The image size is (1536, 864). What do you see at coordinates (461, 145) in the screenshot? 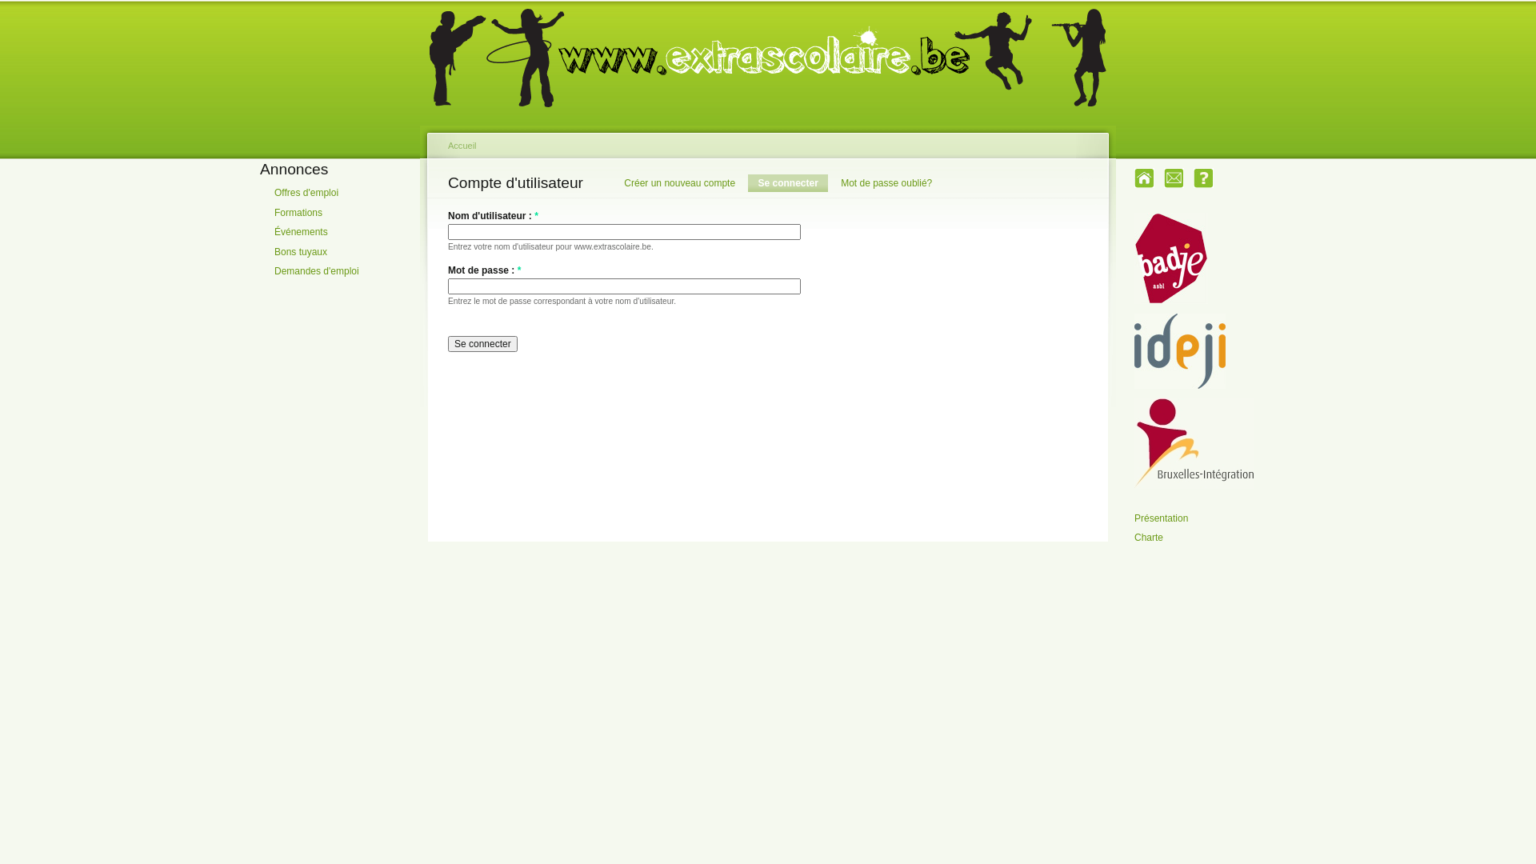
I see `'Accueil'` at bounding box center [461, 145].